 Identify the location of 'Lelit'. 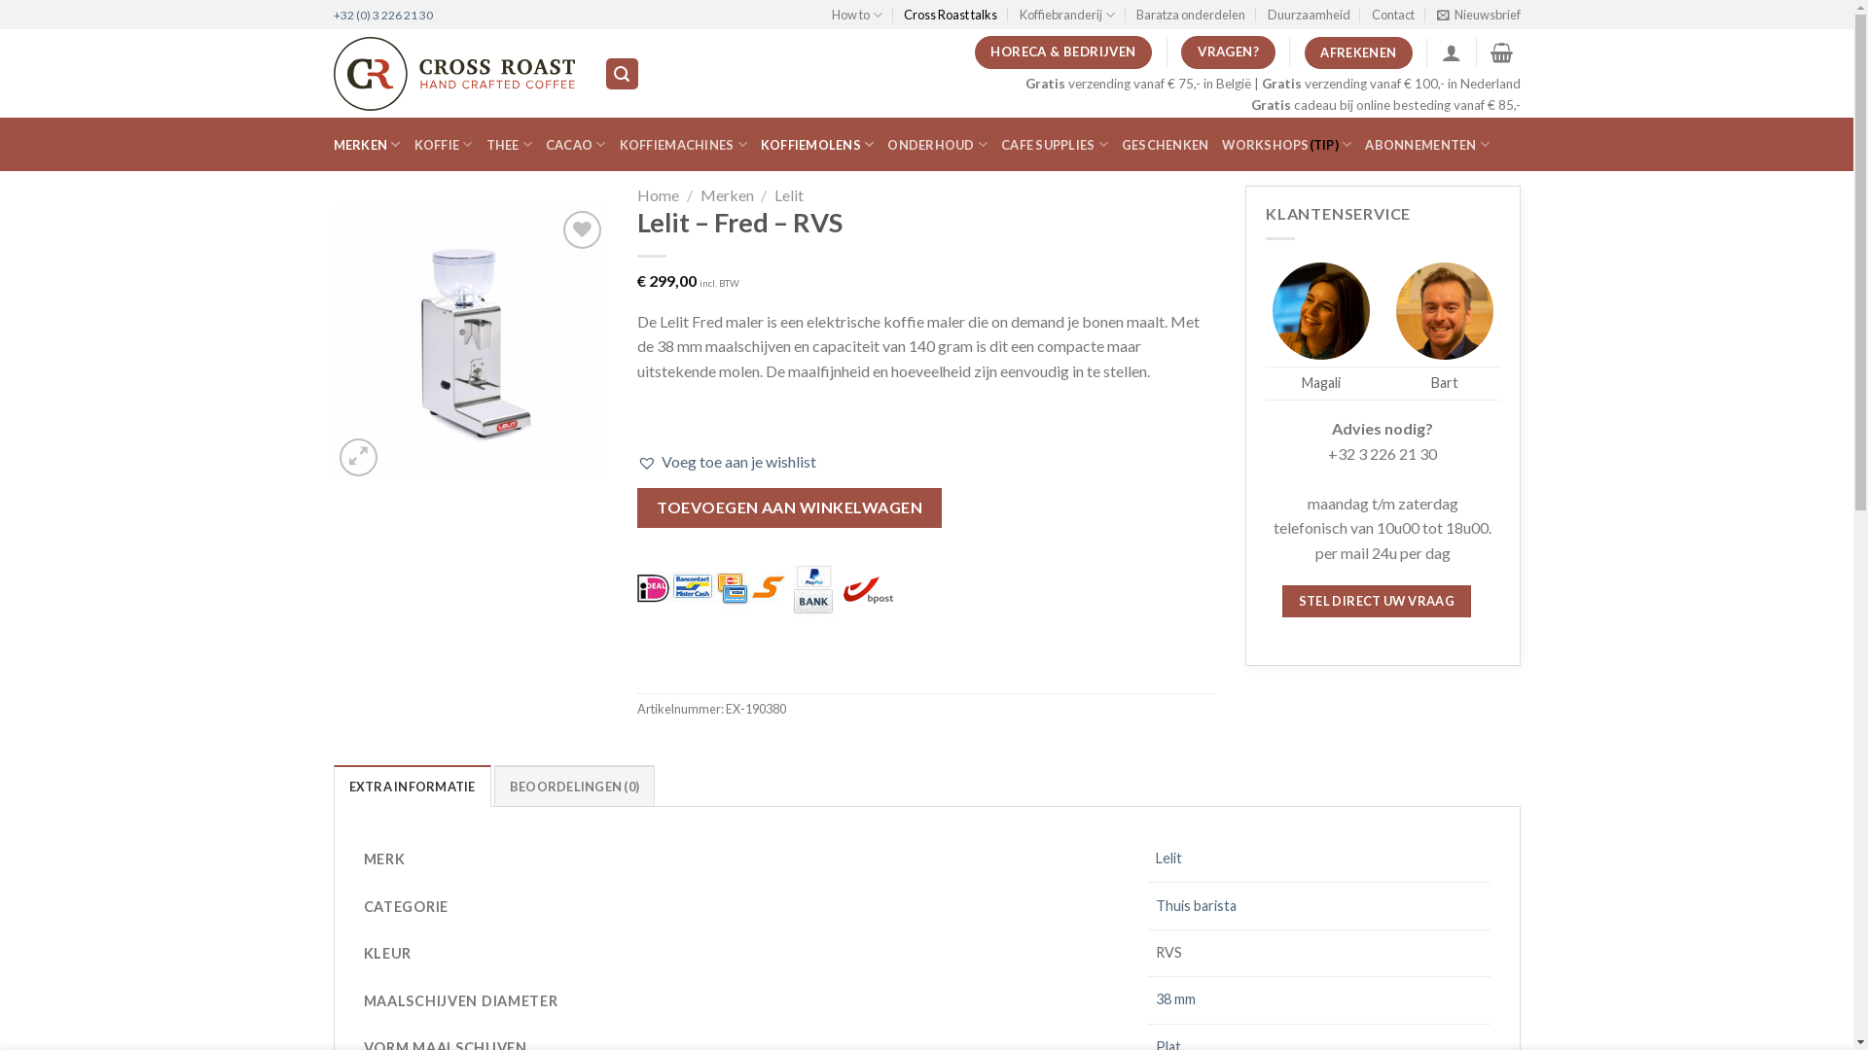
(789, 194).